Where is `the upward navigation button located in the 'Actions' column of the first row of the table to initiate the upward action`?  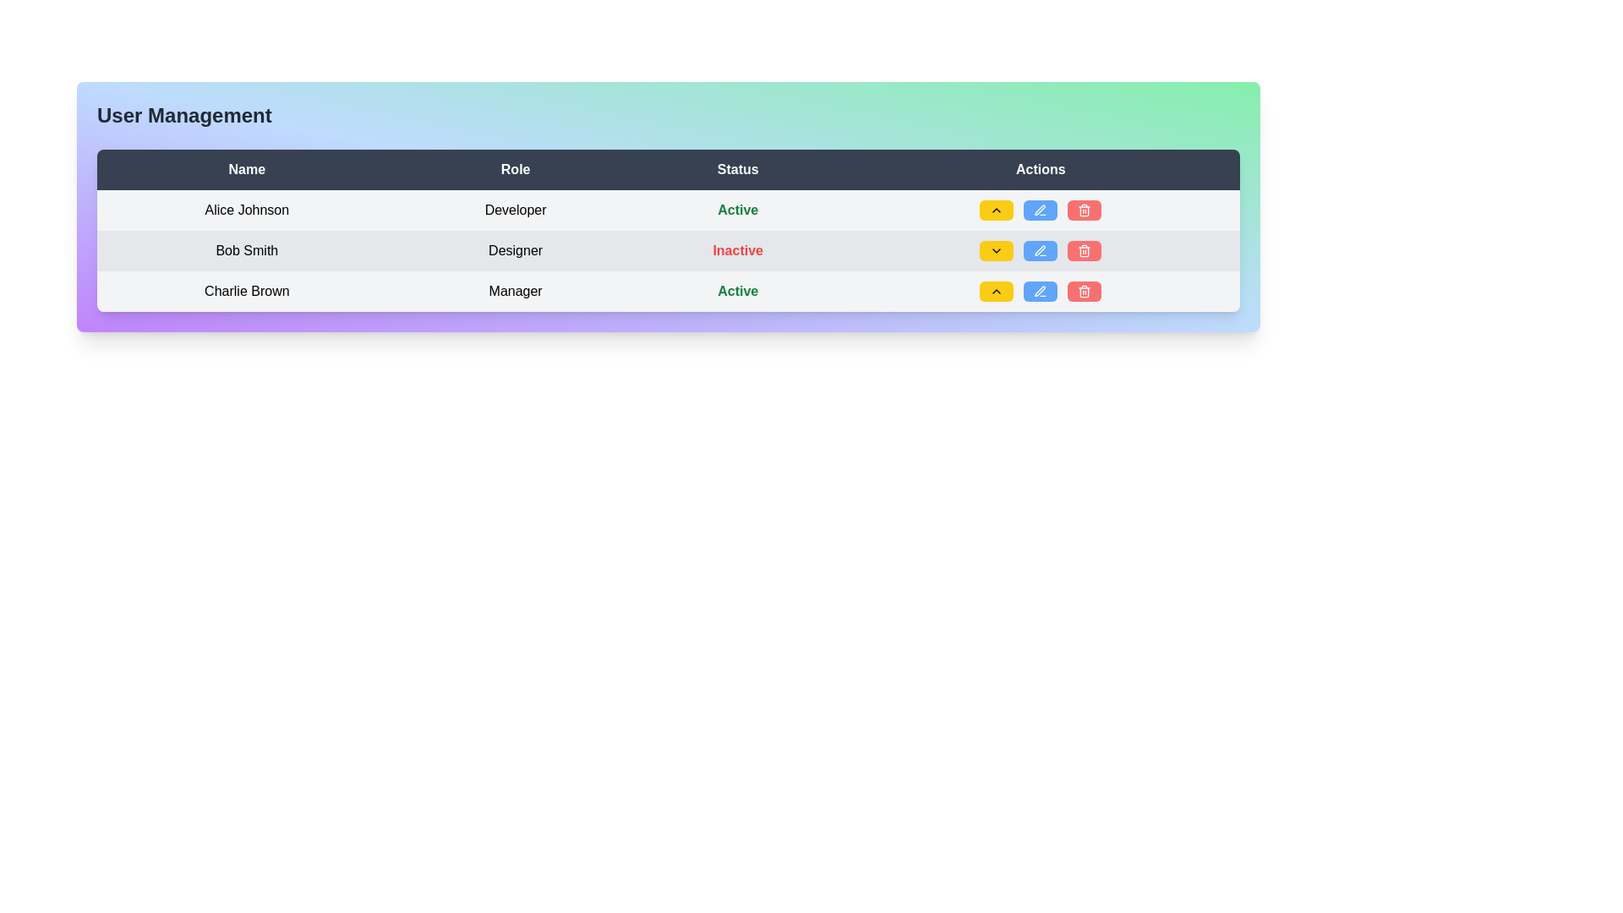 the upward navigation button located in the 'Actions' column of the first row of the table to initiate the upward action is located at coordinates (997, 210).